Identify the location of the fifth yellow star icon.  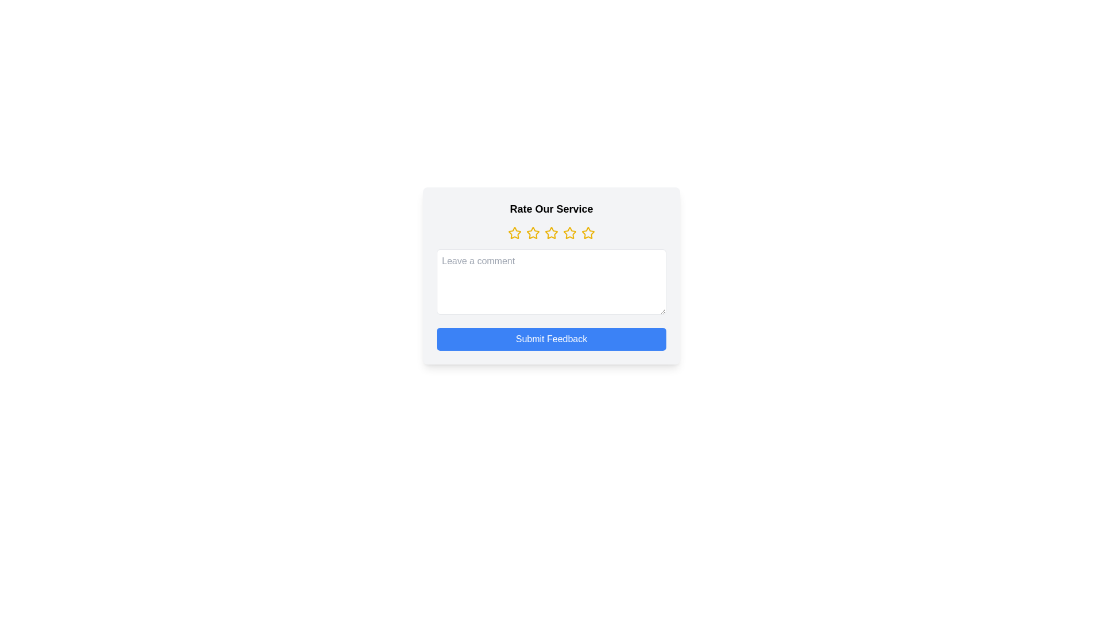
(570, 233).